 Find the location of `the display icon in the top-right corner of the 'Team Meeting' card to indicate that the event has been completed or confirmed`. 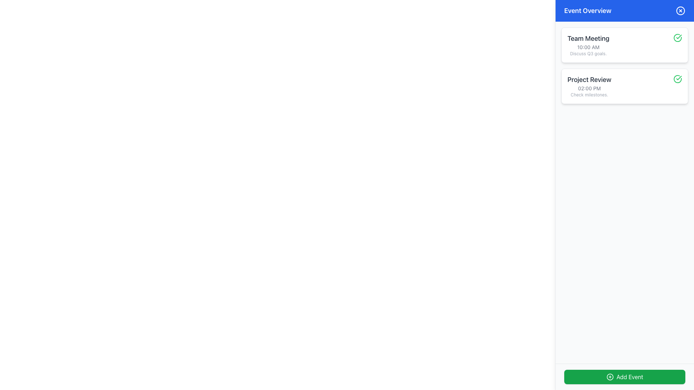

the display icon in the top-right corner of the 'Team Meeting' card to indicate that the event has been completed or confirmed is located at coordinates (677, 38).